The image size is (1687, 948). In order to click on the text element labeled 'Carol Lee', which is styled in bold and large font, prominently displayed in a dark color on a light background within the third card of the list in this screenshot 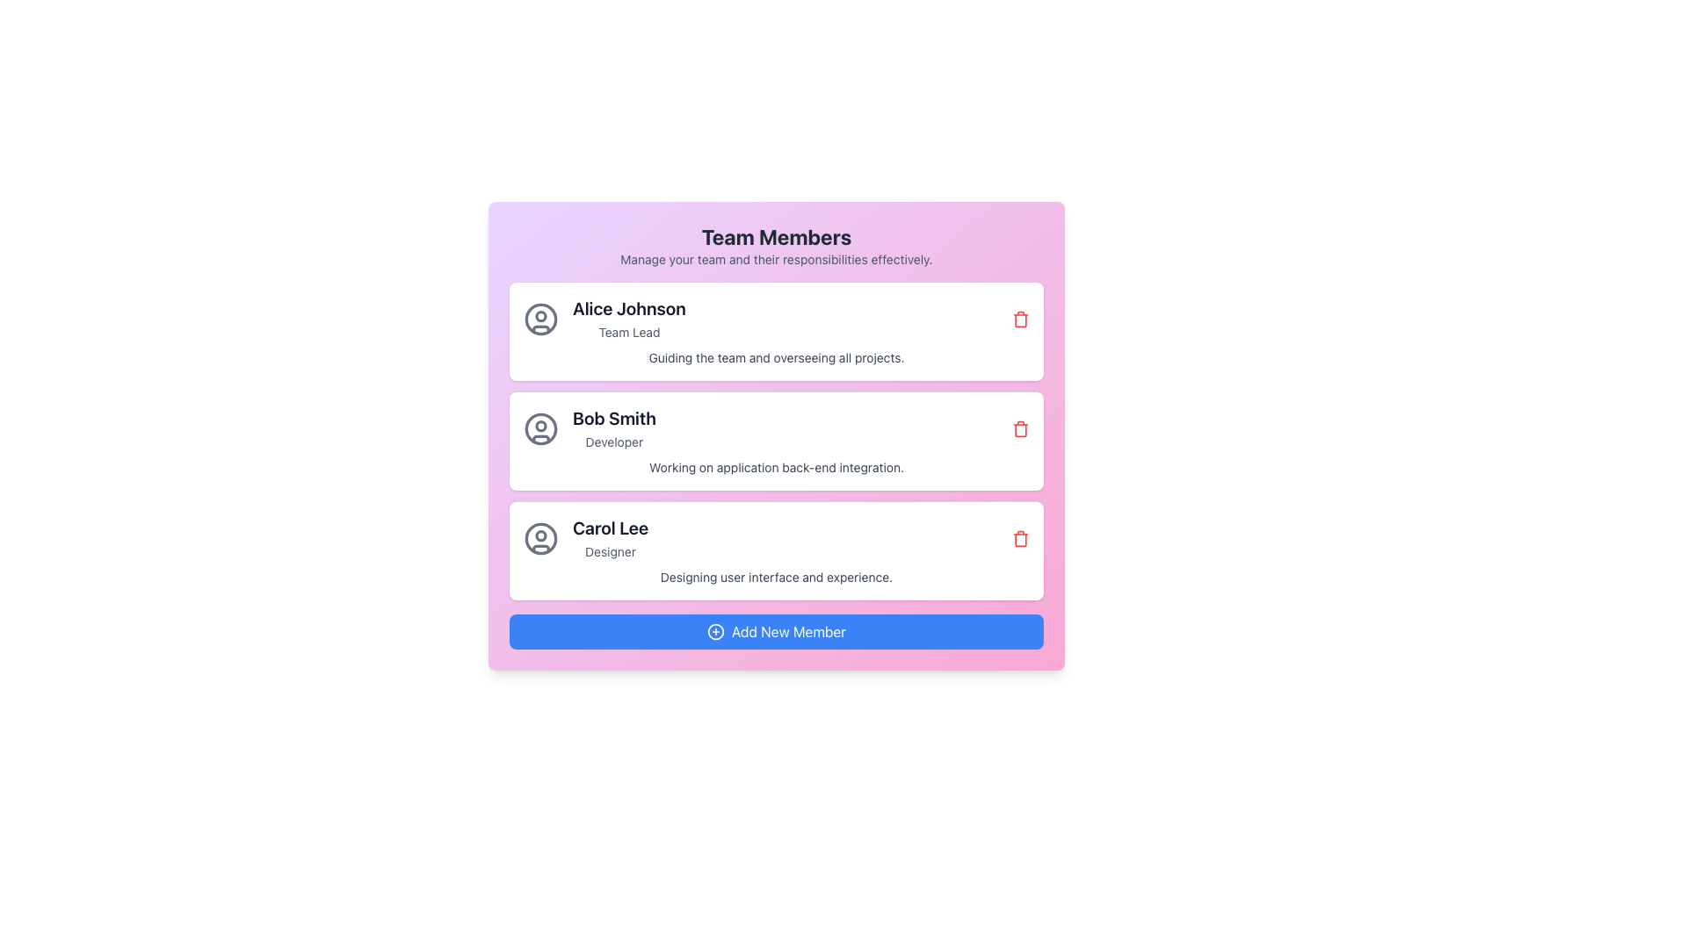, I will do `click(611, 527)`.